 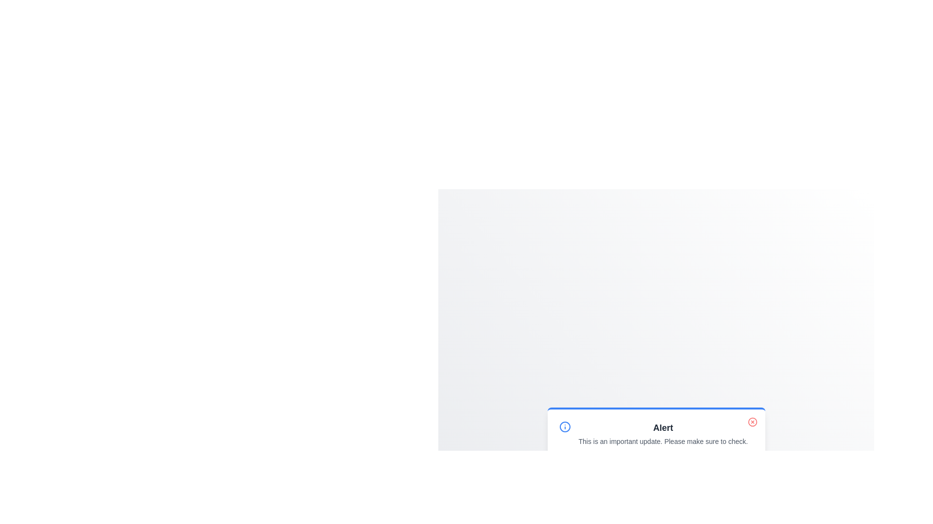 What do you see at coordinates (752, 422) in the screenshot?
I see `the close button to dismiss the alert` at bounding box center [752, 422].